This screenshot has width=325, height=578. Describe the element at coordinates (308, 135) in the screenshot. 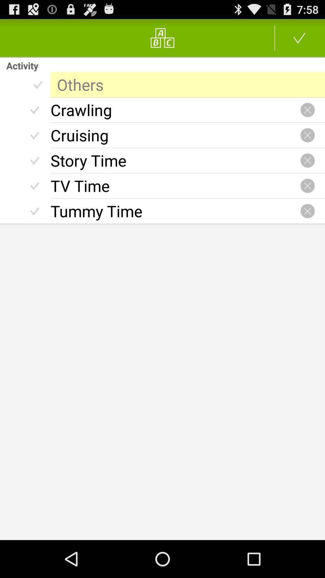

I see `canceling particular activity` at that location.